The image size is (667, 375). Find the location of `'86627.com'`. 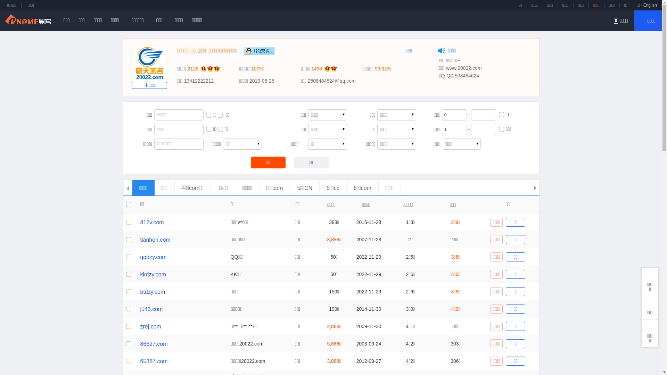

'86627.com' is located at coordinates (154, 344).